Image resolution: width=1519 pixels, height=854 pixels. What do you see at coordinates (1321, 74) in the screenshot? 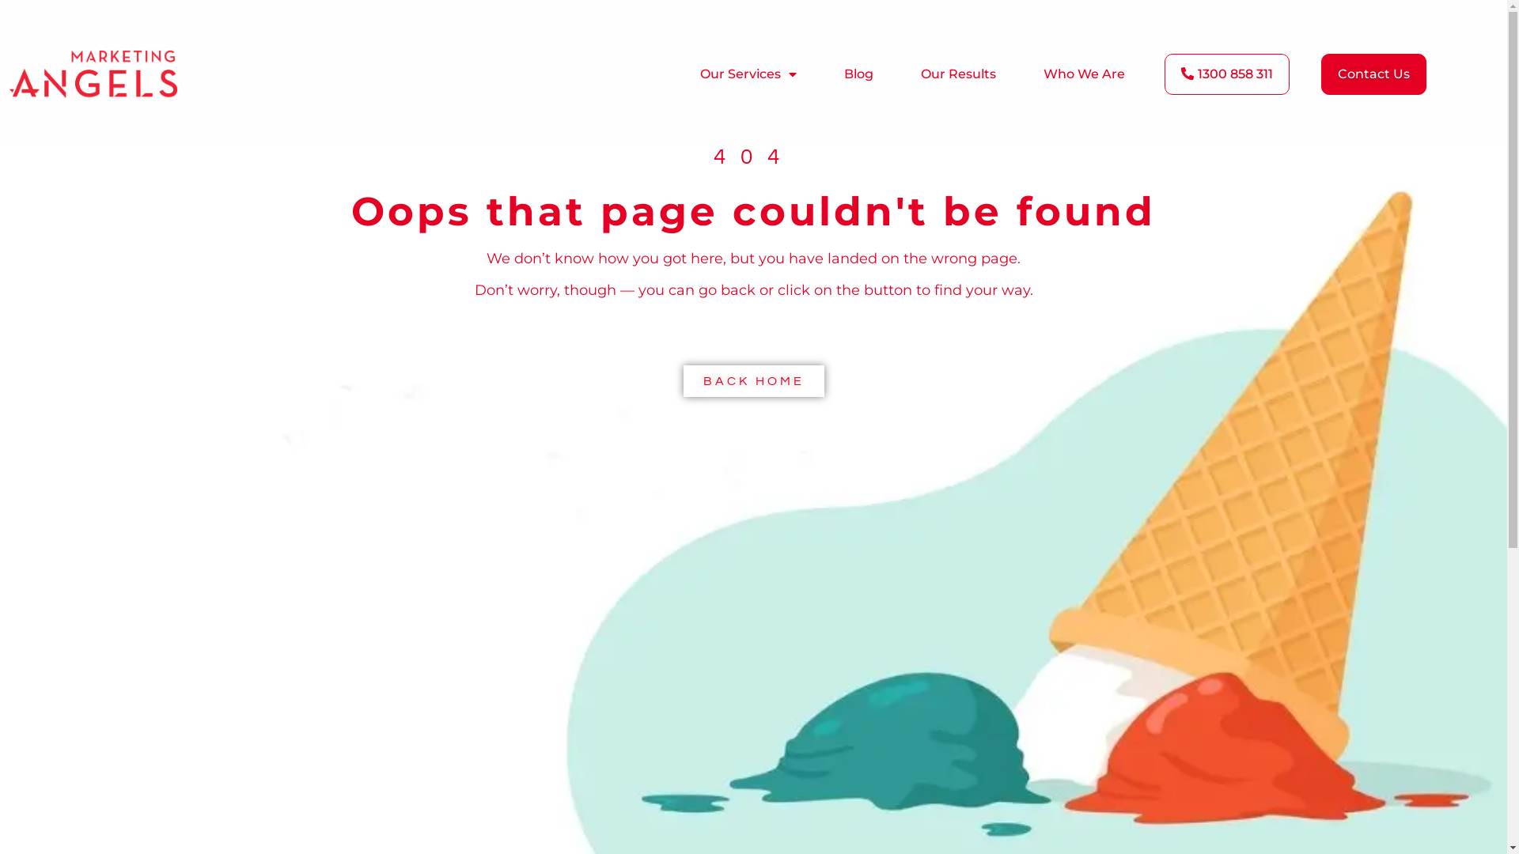
I see `'Contact Us'` at bounding box center [1321, 74].